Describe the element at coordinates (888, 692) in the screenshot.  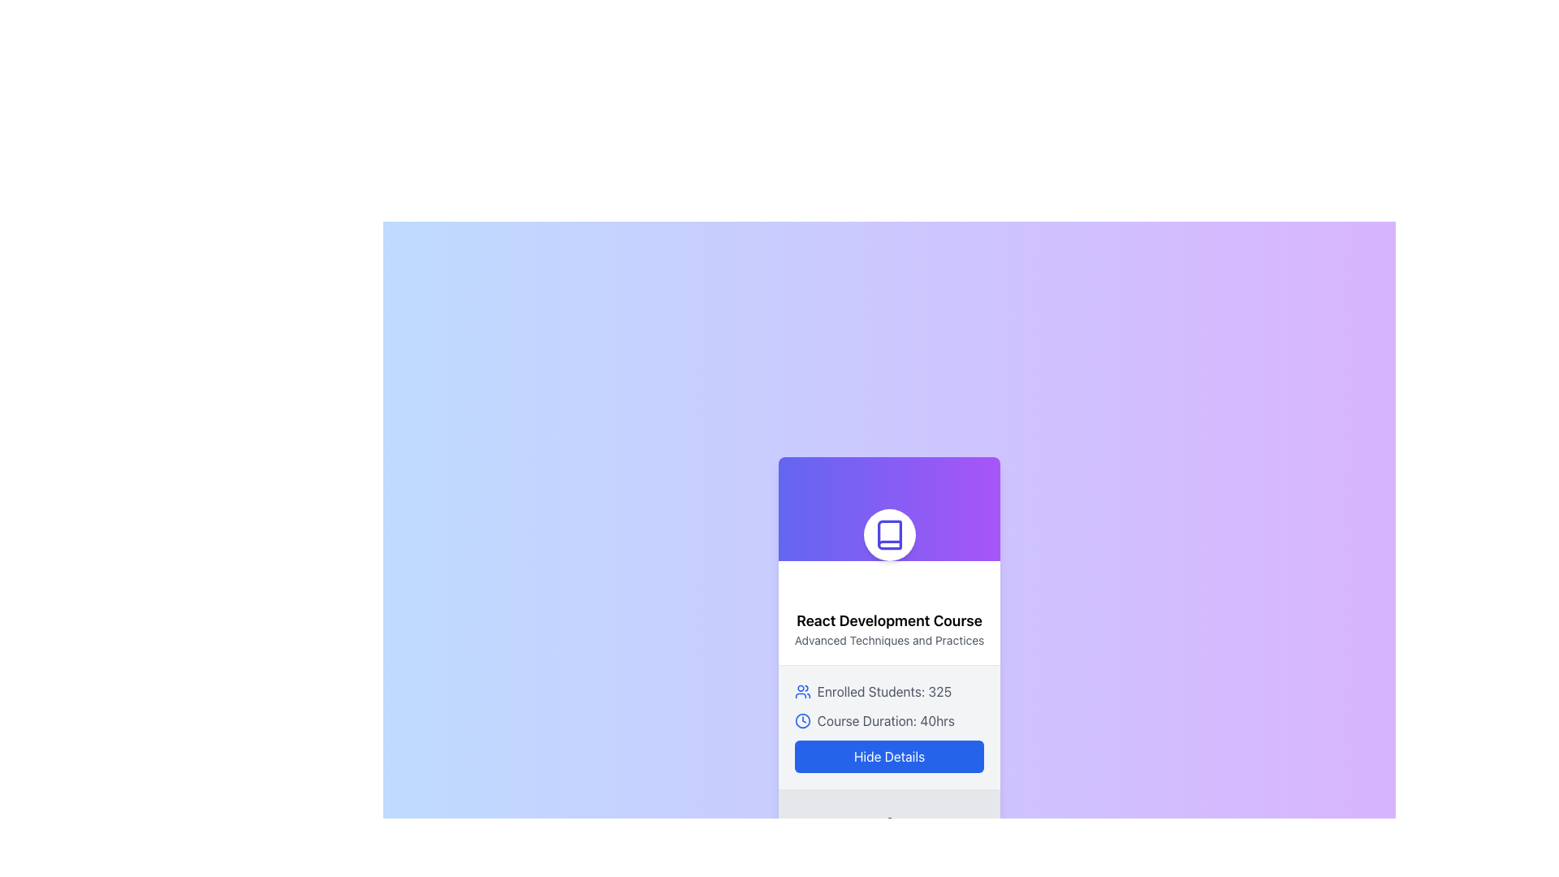
I see `information from the informational label displaying 'Enrolled Students: 325' located beneath the title 'React Development Course'` at that location.